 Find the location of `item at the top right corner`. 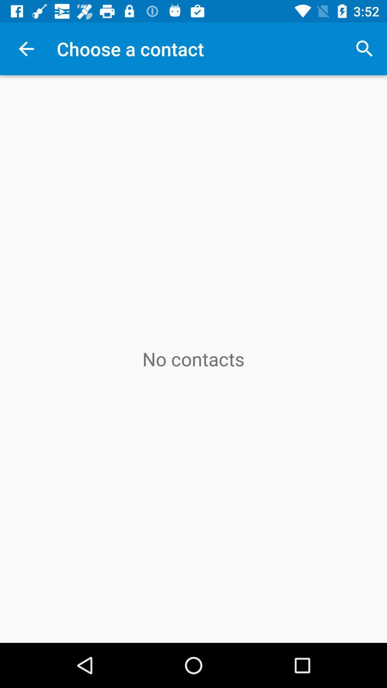

item at the top right corner is located at coordinates (364, 48).